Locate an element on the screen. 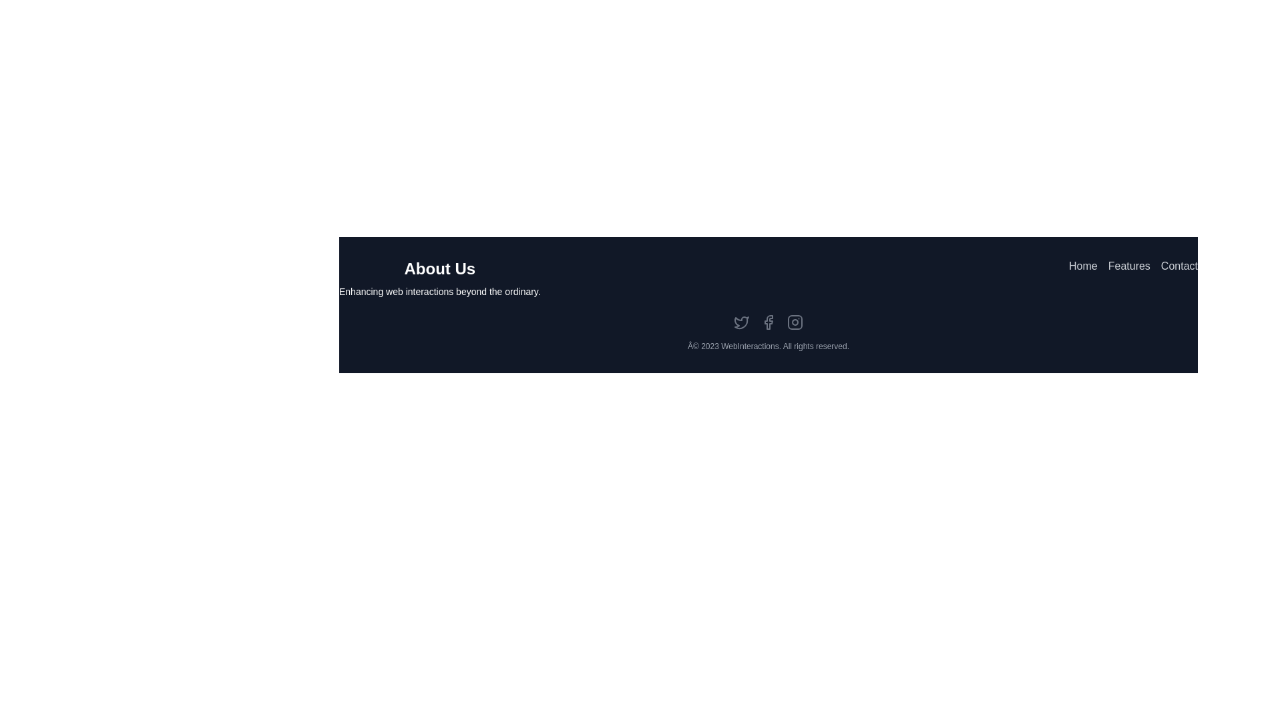  the first SVG icon representing a Twitter link, which is located in a horizontal row of social media icons at the bottom center of the interface is located at coordinates (740, 322).